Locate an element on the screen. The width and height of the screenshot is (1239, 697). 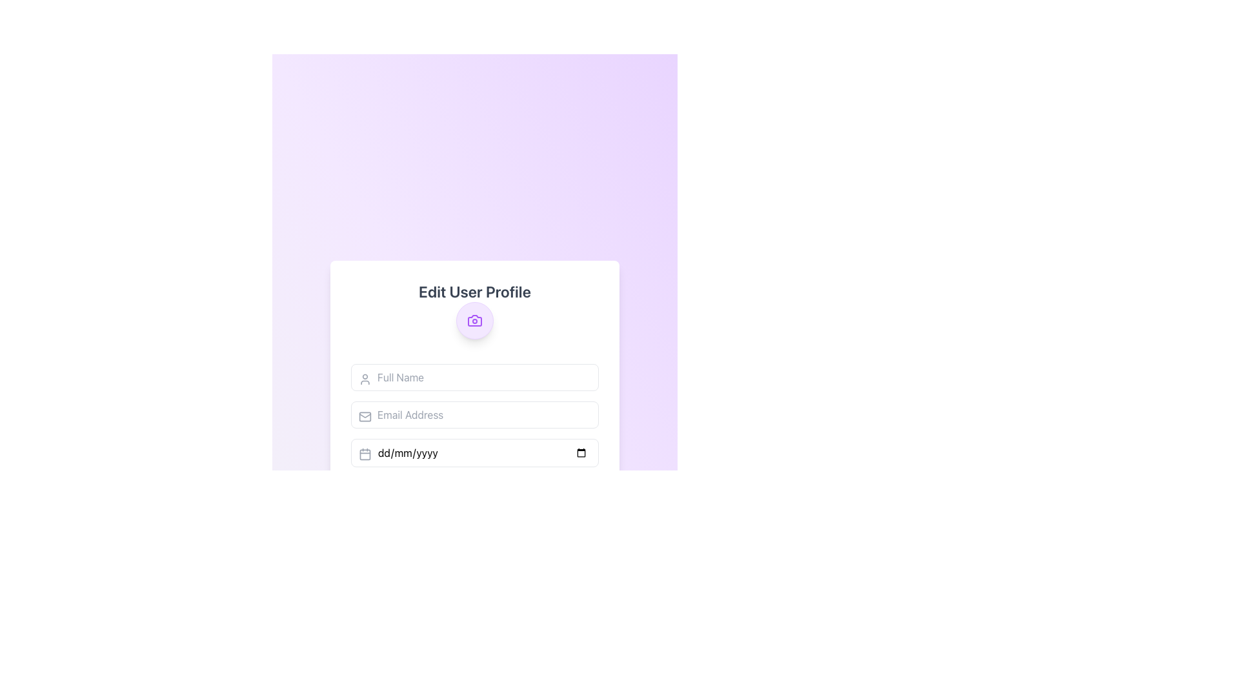
the user silhouette icon located within the 'Full Name' input field, which is represented by a circle and a rectangle in light gray color is located at coordinates (365, 378).